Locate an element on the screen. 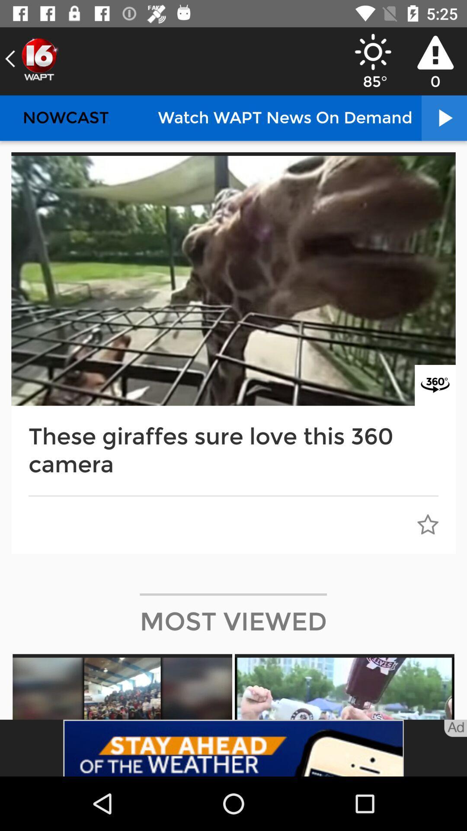  360 view is located at coordinates (435, 385).